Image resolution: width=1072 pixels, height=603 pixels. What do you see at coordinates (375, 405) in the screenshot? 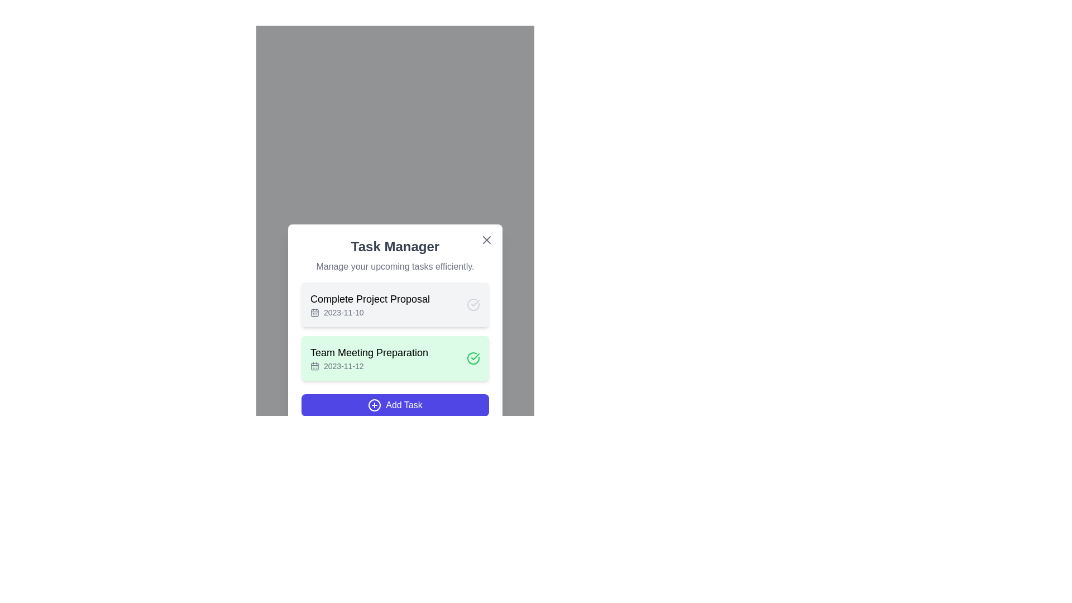
I see `the circular plus icon located within the 'Add Task' button at the bottom of the task manager interface` at bounding box center [375, 405].